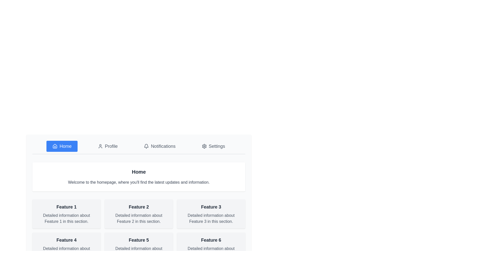 This screenshot has width=482, height=271. Describe the element at coordinates (211, 218) in the screenshot. I see `the Text label in gray font below the title of the 'Feature 3' card, located in the second row and third column of the grid layout` at that location.